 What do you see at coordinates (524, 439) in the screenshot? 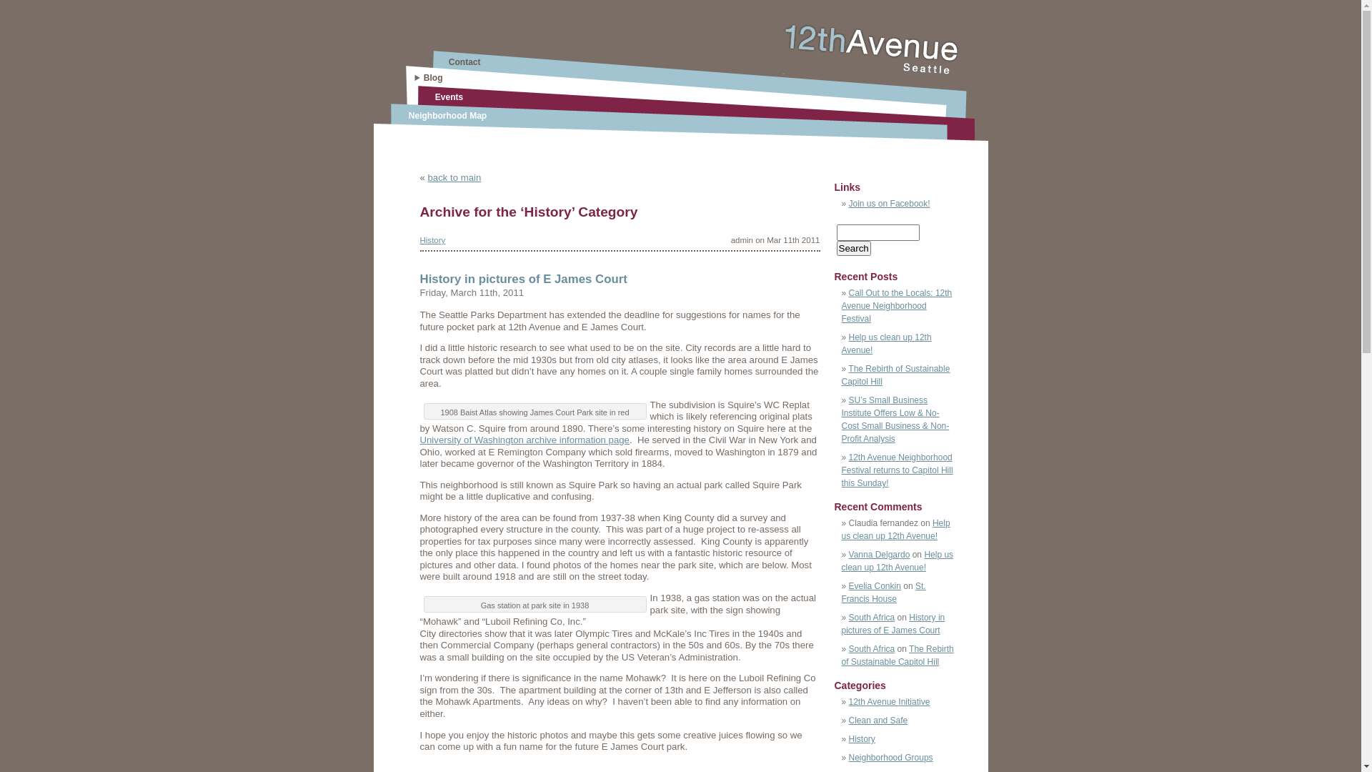
I see `'University of Washington archive information page'` at bounding box center [524, 439].